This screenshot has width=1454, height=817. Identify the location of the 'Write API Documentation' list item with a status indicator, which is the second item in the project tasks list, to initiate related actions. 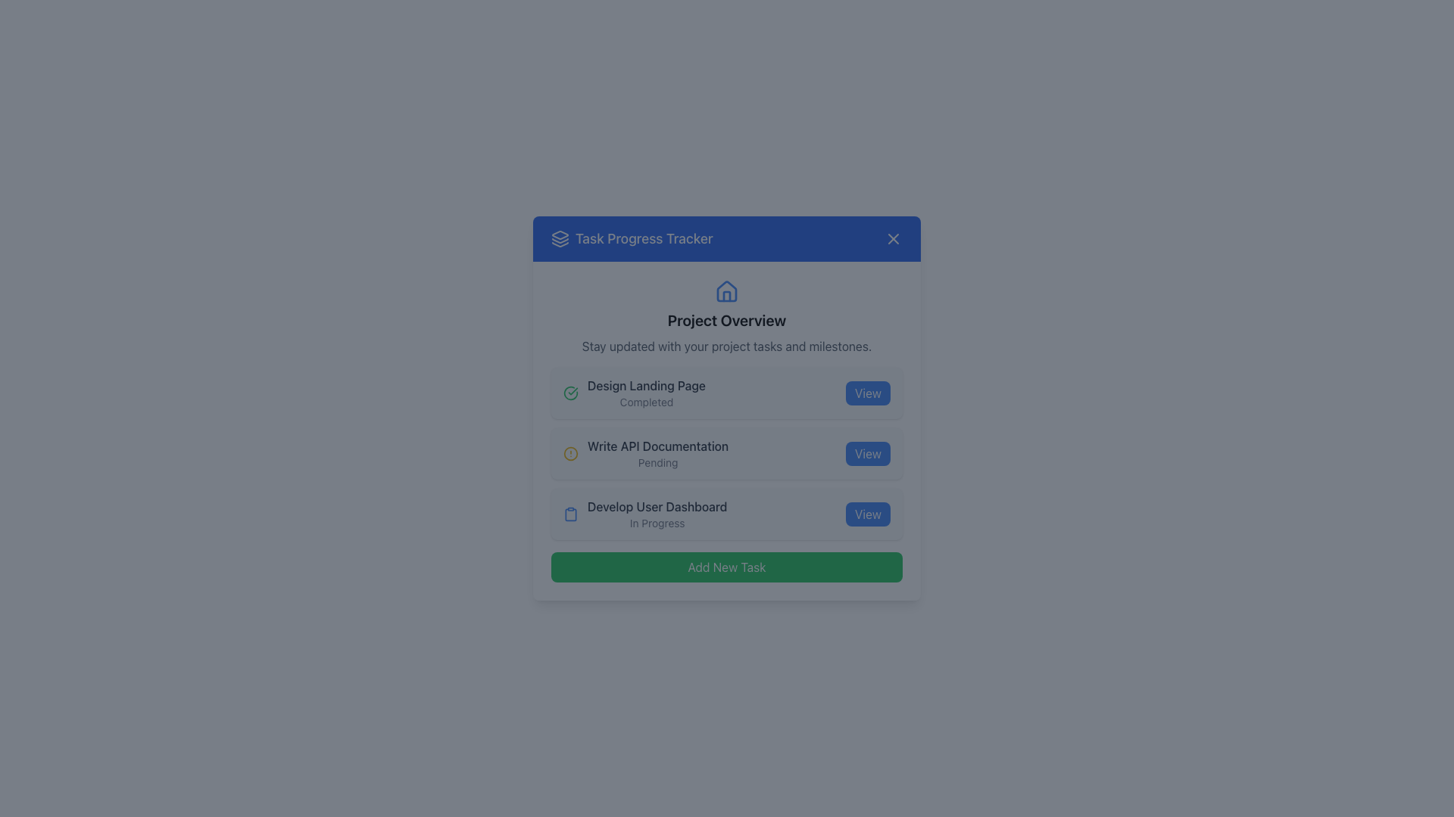
(658, 453).